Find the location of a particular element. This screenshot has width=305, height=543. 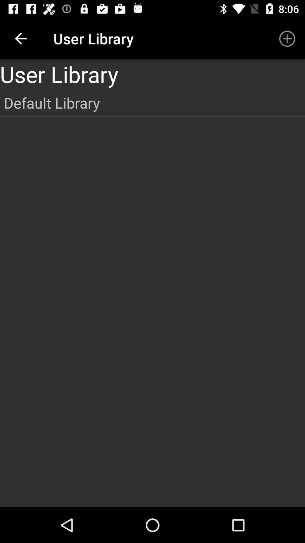

default library icon is located at coordinates (152, 103).